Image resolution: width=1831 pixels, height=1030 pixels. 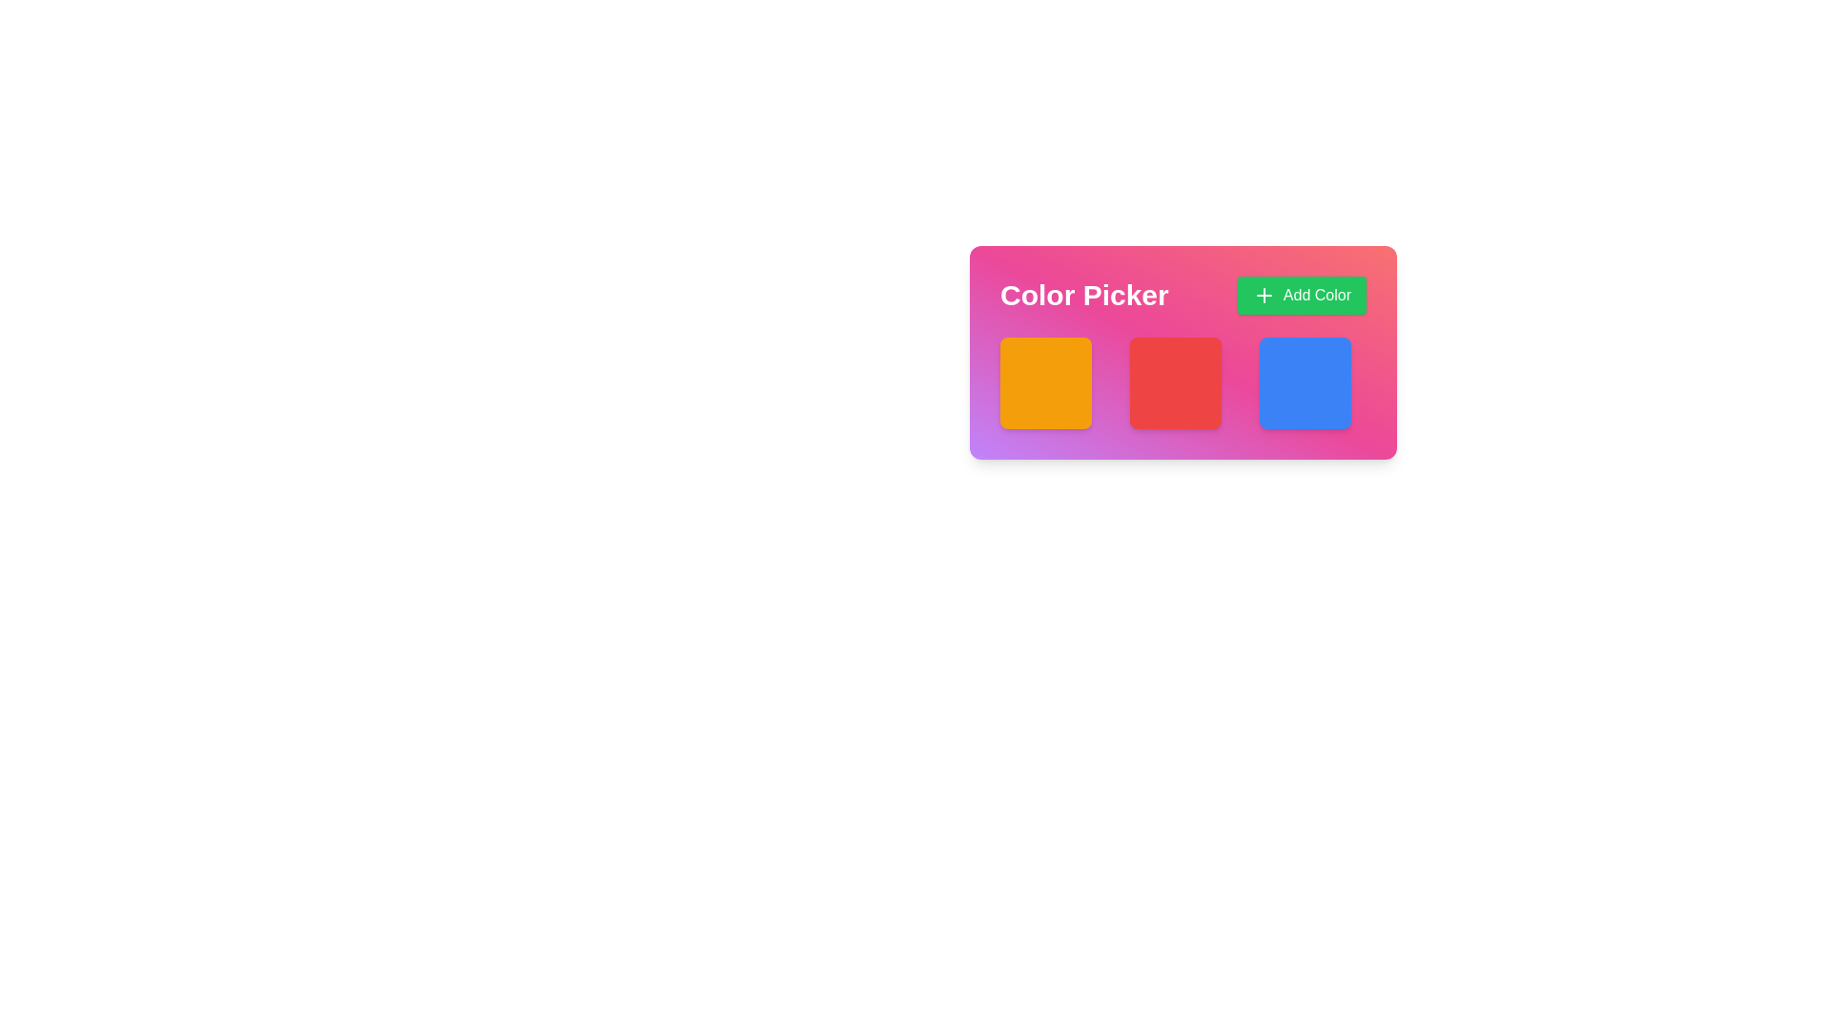 What do you see at coordinates (1183, 353) in the screenshot?
I see `the middle red color tile in the color picker interface` at bounding box center [1183, 353].